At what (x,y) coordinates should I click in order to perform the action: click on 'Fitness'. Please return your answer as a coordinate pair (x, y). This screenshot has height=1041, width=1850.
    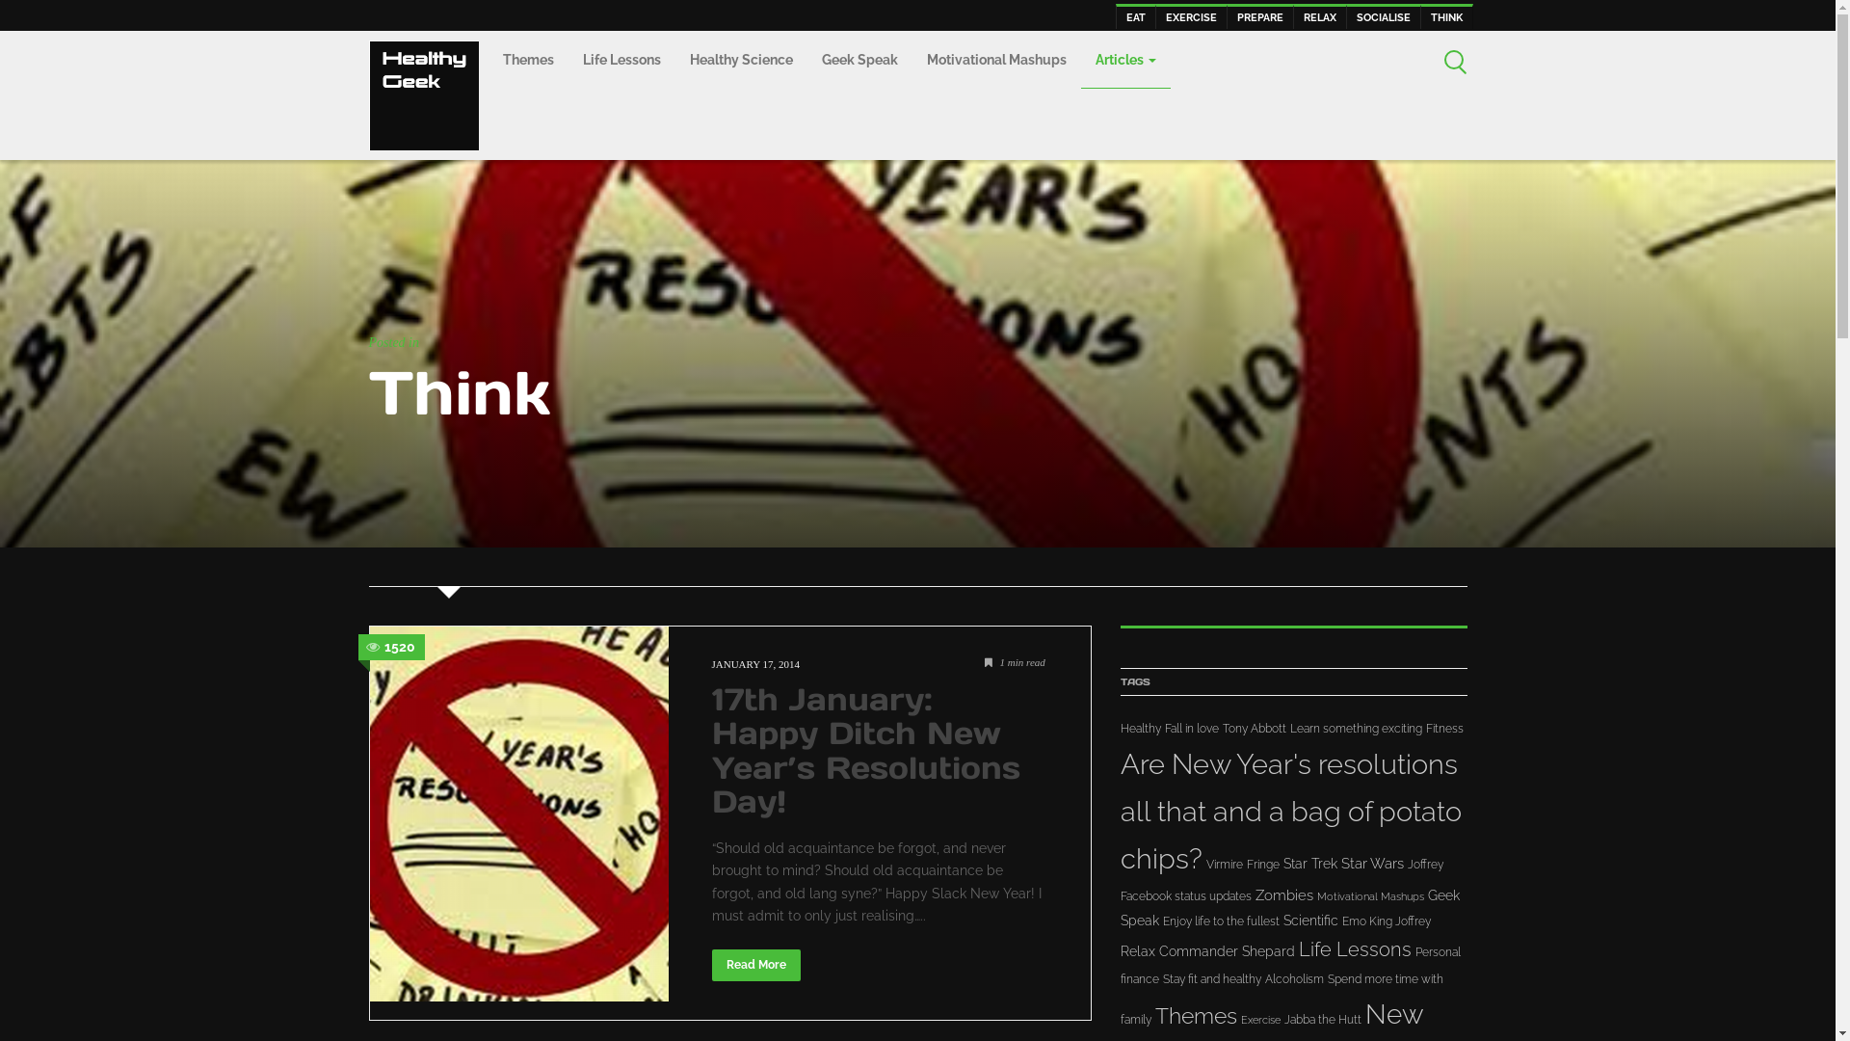
    Looking at the image, I should click on (1444, 729).